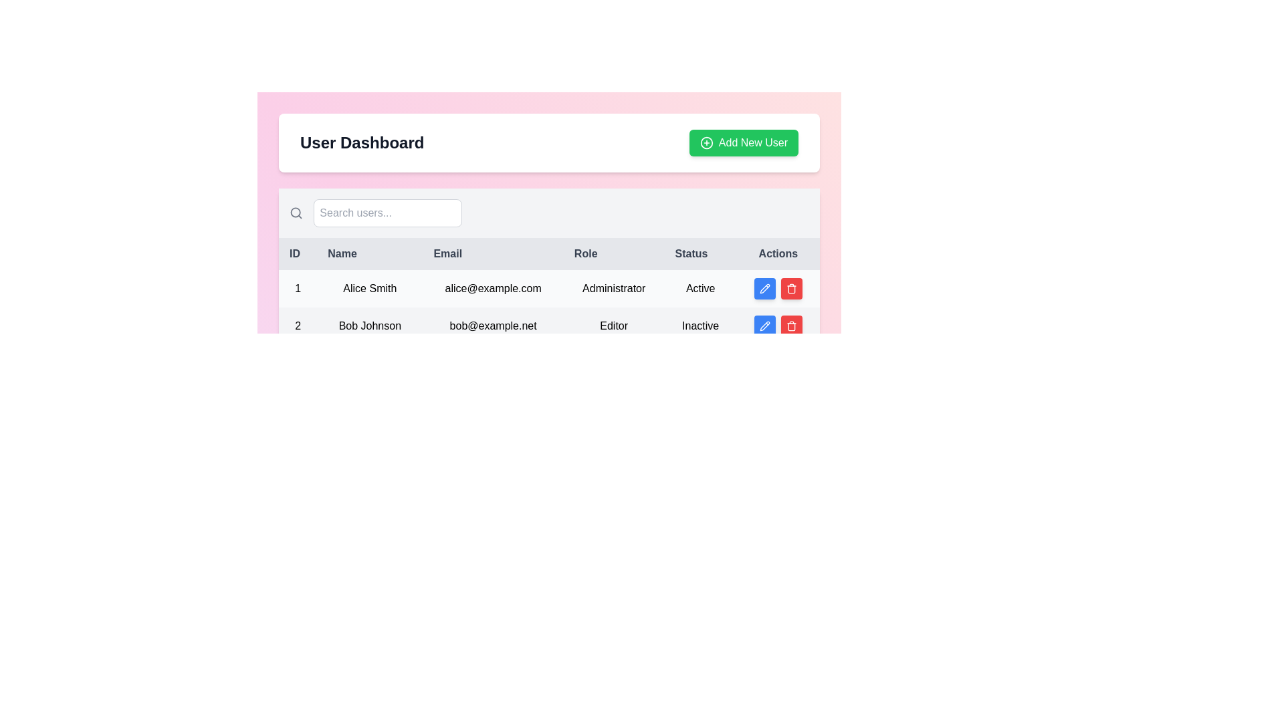  Describe the element at coordinates (764, 326) in the screenshot. I see `the editing icon within the blue button in the 'Actions' column for the second user, Bob Johnson` at that location.